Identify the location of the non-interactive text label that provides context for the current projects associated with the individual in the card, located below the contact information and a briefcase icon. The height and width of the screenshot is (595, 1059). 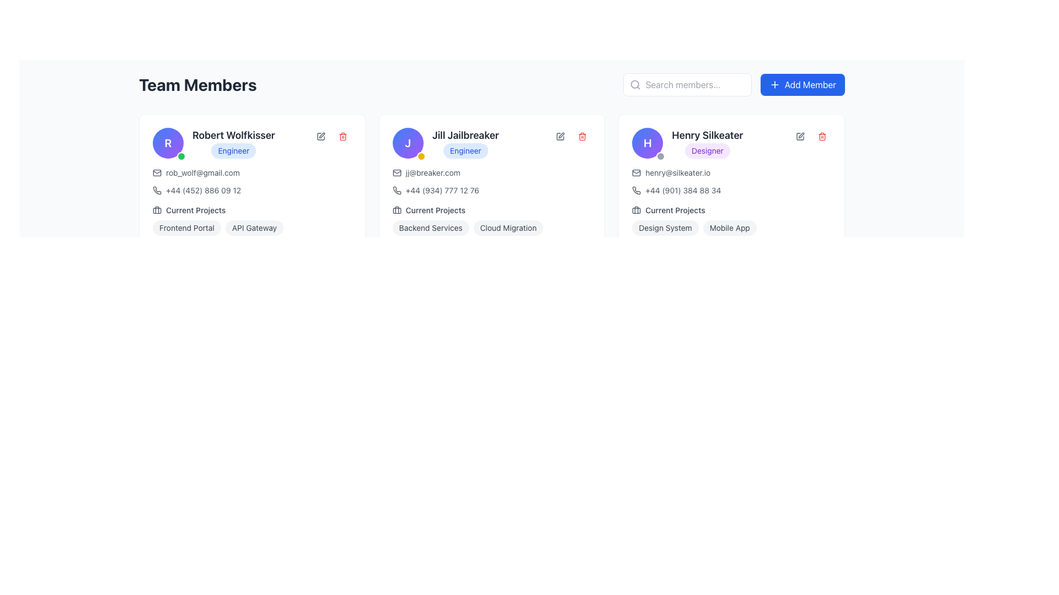
(196, 210).